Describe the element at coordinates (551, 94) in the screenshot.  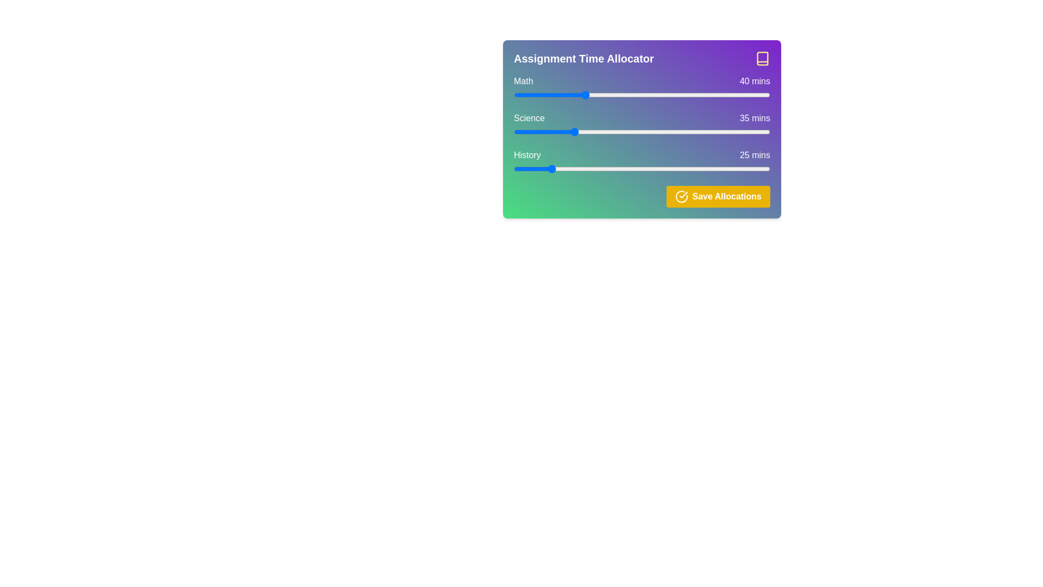
I see `the slider for 'Math'` at that location.